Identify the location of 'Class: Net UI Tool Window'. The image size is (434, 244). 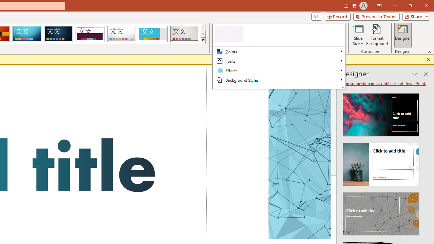
(279, 56).